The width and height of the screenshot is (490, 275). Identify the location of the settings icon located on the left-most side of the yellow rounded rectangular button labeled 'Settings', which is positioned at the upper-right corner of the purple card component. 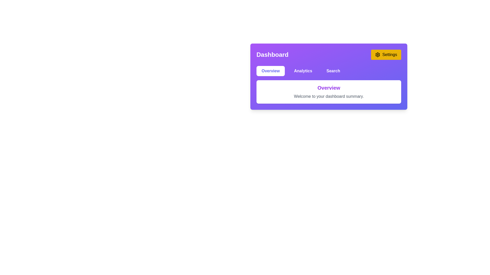
(378, 55).